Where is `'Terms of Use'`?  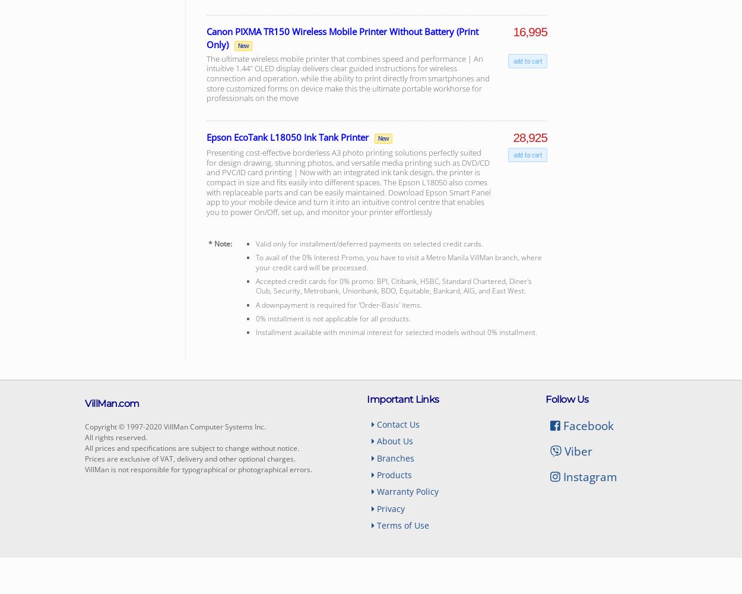
'Terms of Use' is located at coordinates (402, 525).